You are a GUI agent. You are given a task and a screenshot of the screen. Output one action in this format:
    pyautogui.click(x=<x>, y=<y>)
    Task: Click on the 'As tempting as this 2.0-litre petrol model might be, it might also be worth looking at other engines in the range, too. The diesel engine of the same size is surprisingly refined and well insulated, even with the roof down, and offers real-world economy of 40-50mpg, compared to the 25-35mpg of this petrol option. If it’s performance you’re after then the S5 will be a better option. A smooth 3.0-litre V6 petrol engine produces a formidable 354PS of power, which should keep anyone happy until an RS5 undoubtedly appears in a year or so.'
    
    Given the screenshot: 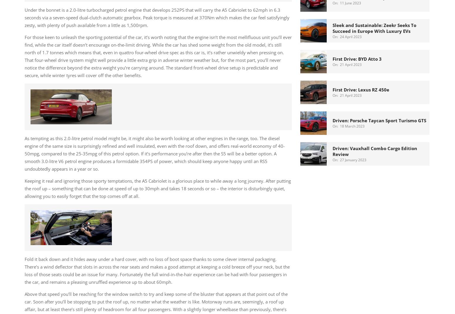 What is the action you would take?
    pyautogui.click(x=154, y=153)
    